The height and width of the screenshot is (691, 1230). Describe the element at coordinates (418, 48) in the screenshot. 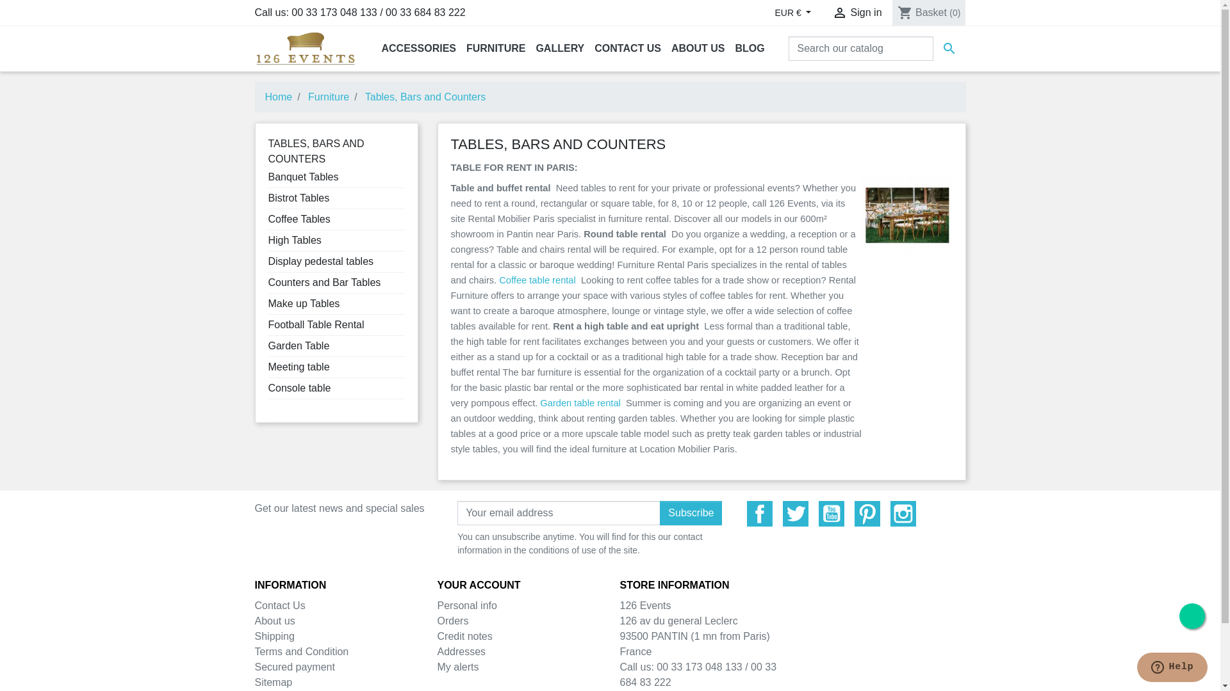

I see `'ACCESSORIES'` at that location.